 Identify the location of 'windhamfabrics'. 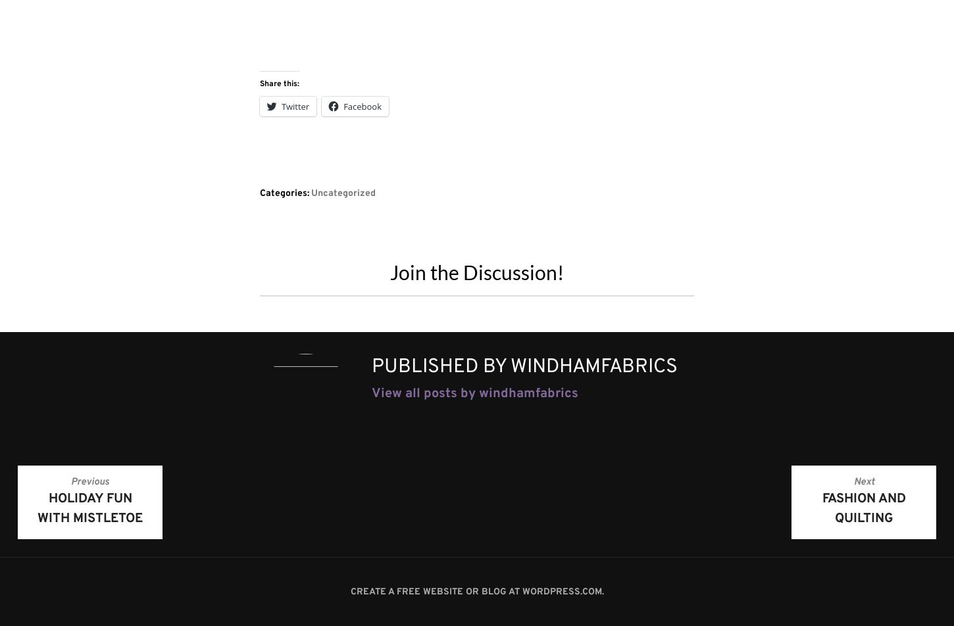
(593, 366).